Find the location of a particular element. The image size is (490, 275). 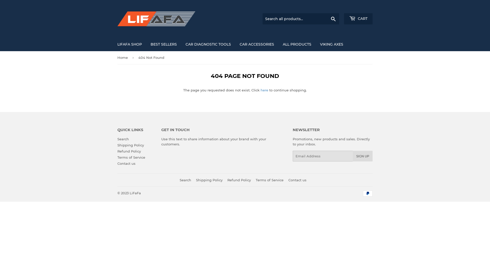

'Search' is located at coordinates (185, 179).